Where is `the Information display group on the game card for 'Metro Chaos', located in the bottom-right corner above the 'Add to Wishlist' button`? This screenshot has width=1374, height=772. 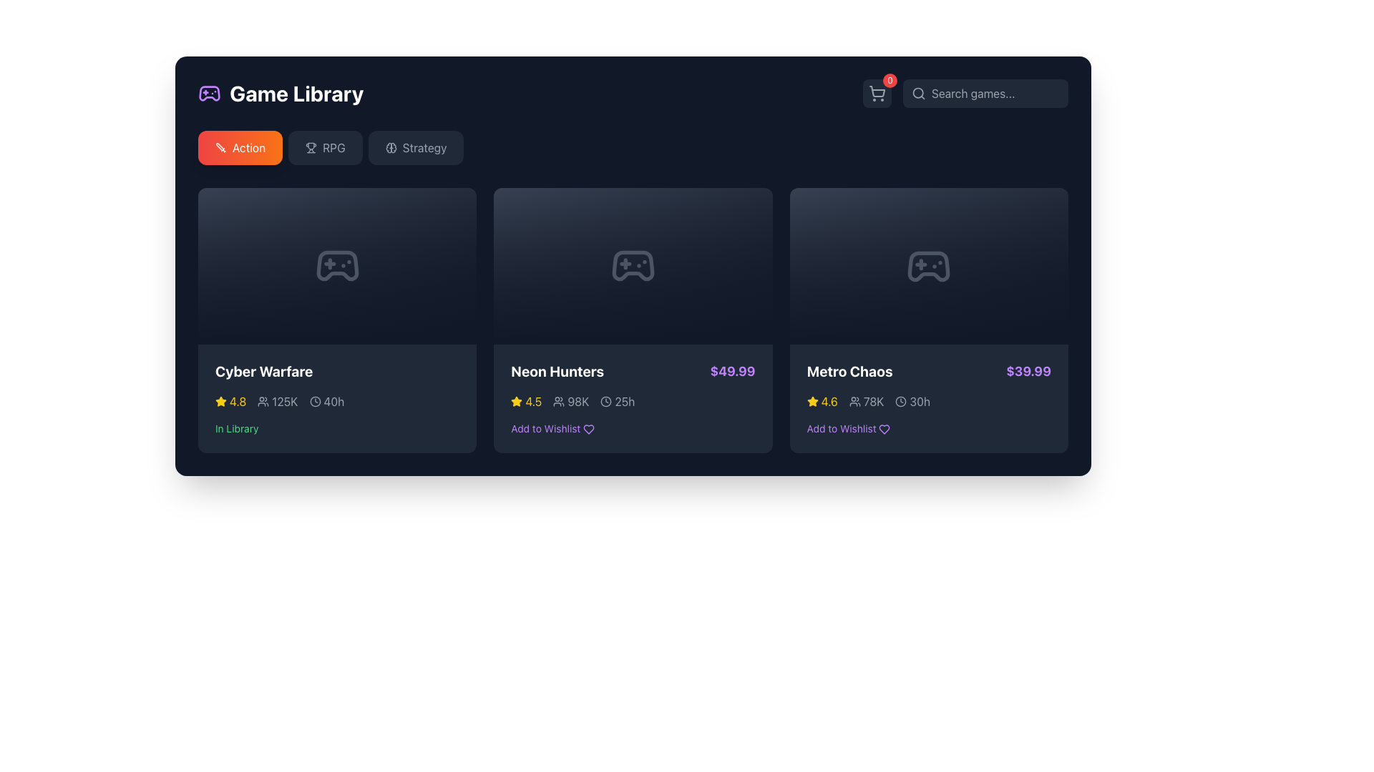
the Information display group on the game card for 'Metro Chaos', located in the bottom-right corner above the 'Add to Wishlist' button is located at coordinates (929, 402).